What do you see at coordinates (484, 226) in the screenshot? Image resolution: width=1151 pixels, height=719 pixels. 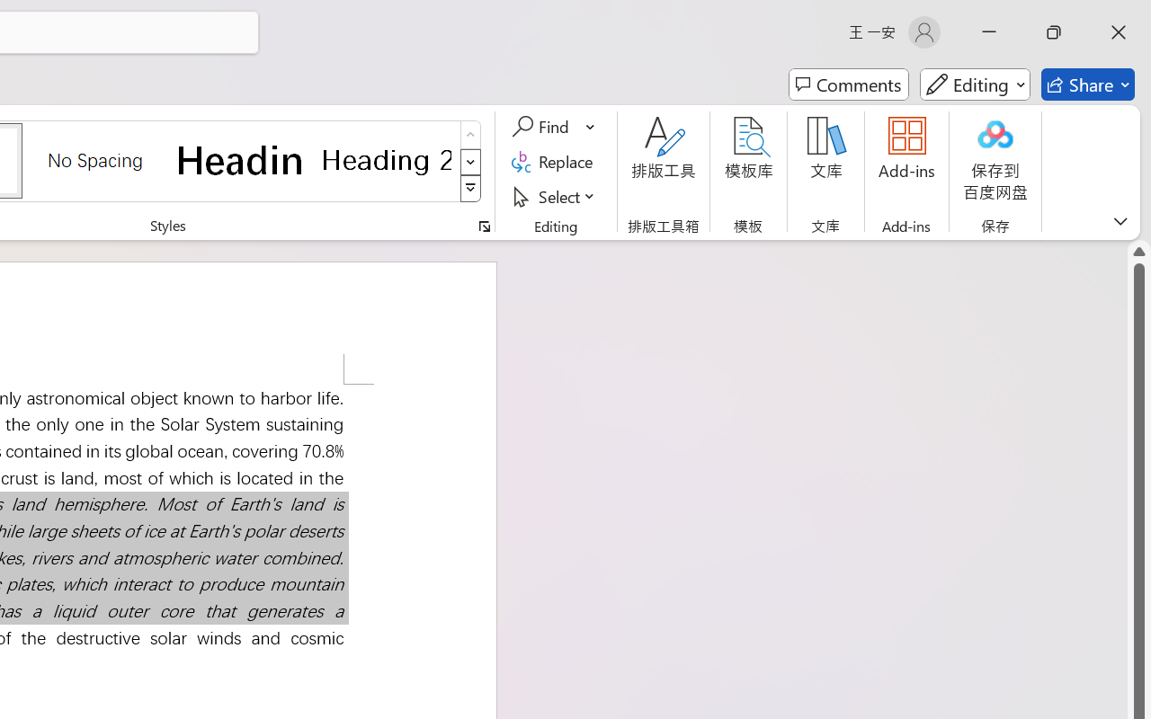 I see `'Styles...'` at bounding box center [484, 226].